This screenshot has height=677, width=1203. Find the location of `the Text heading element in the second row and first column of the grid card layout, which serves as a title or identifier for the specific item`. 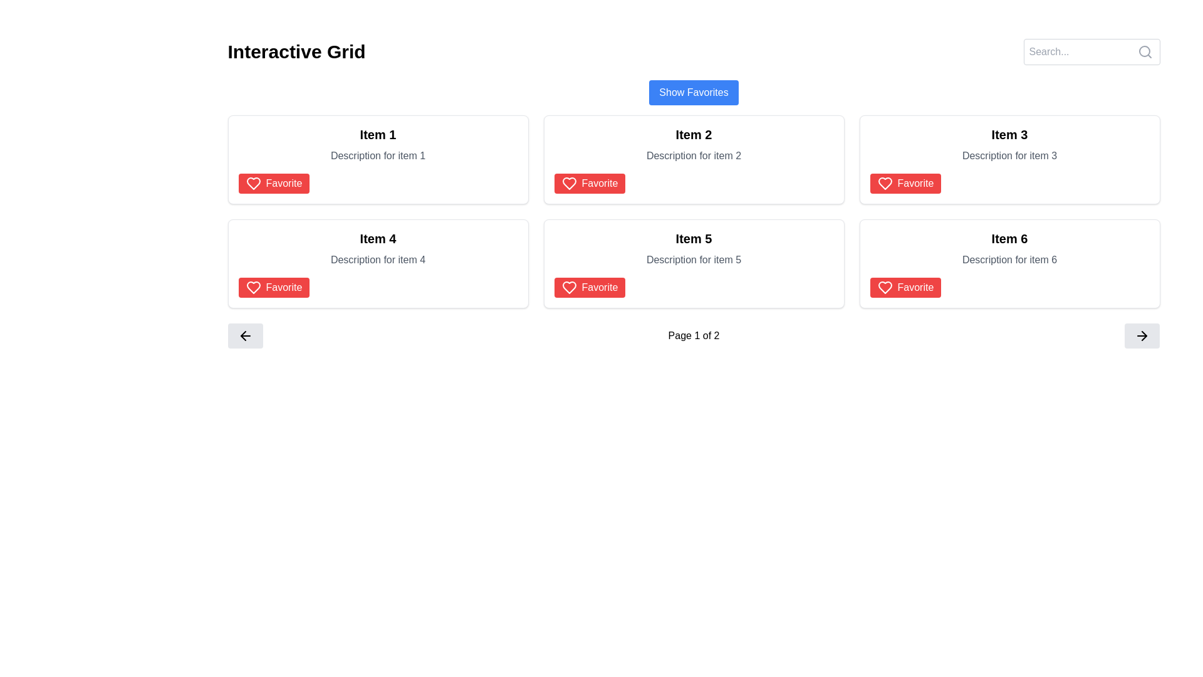

the Text heading element in the second row and first column of the grid card layout, which serves as a title or identifier for the specific item is located at coordinates (377, 239).